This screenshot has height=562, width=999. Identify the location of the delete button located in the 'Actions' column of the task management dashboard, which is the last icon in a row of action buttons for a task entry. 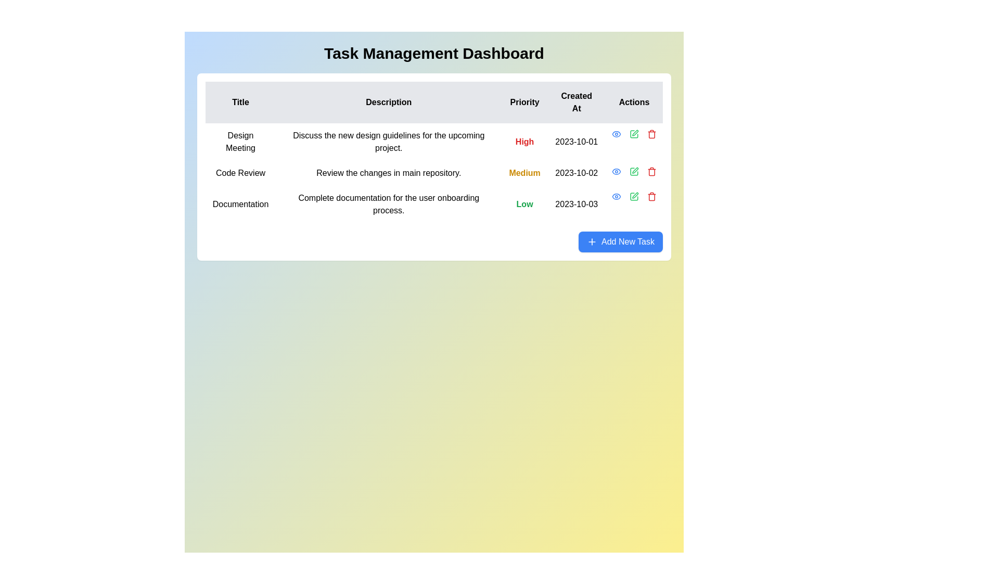
(651, 197).